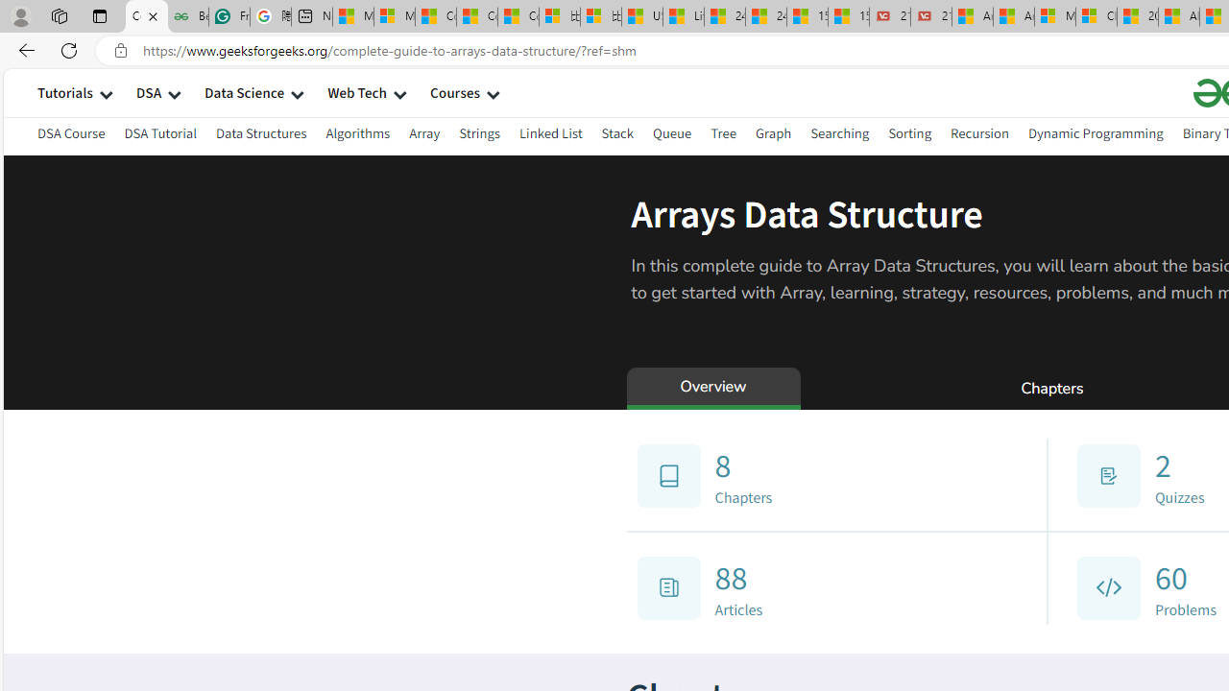 Image resolution: width=1229 pixels, height=691 pixels. Describe the element at coordinates (641, 16) in the screenshot. I see `'USA TODAY - MSN'` at that location.